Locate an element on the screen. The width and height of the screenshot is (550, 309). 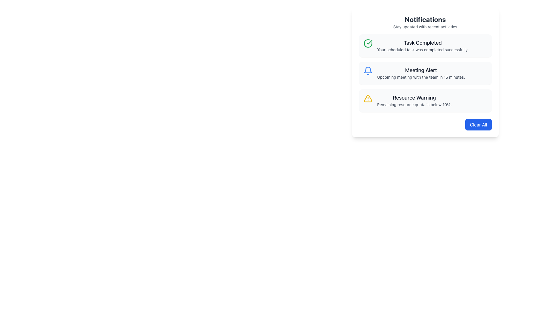
the button located at the bottom-right corner of the notification panel to clear all notifications is located at coordinates (478, 124).